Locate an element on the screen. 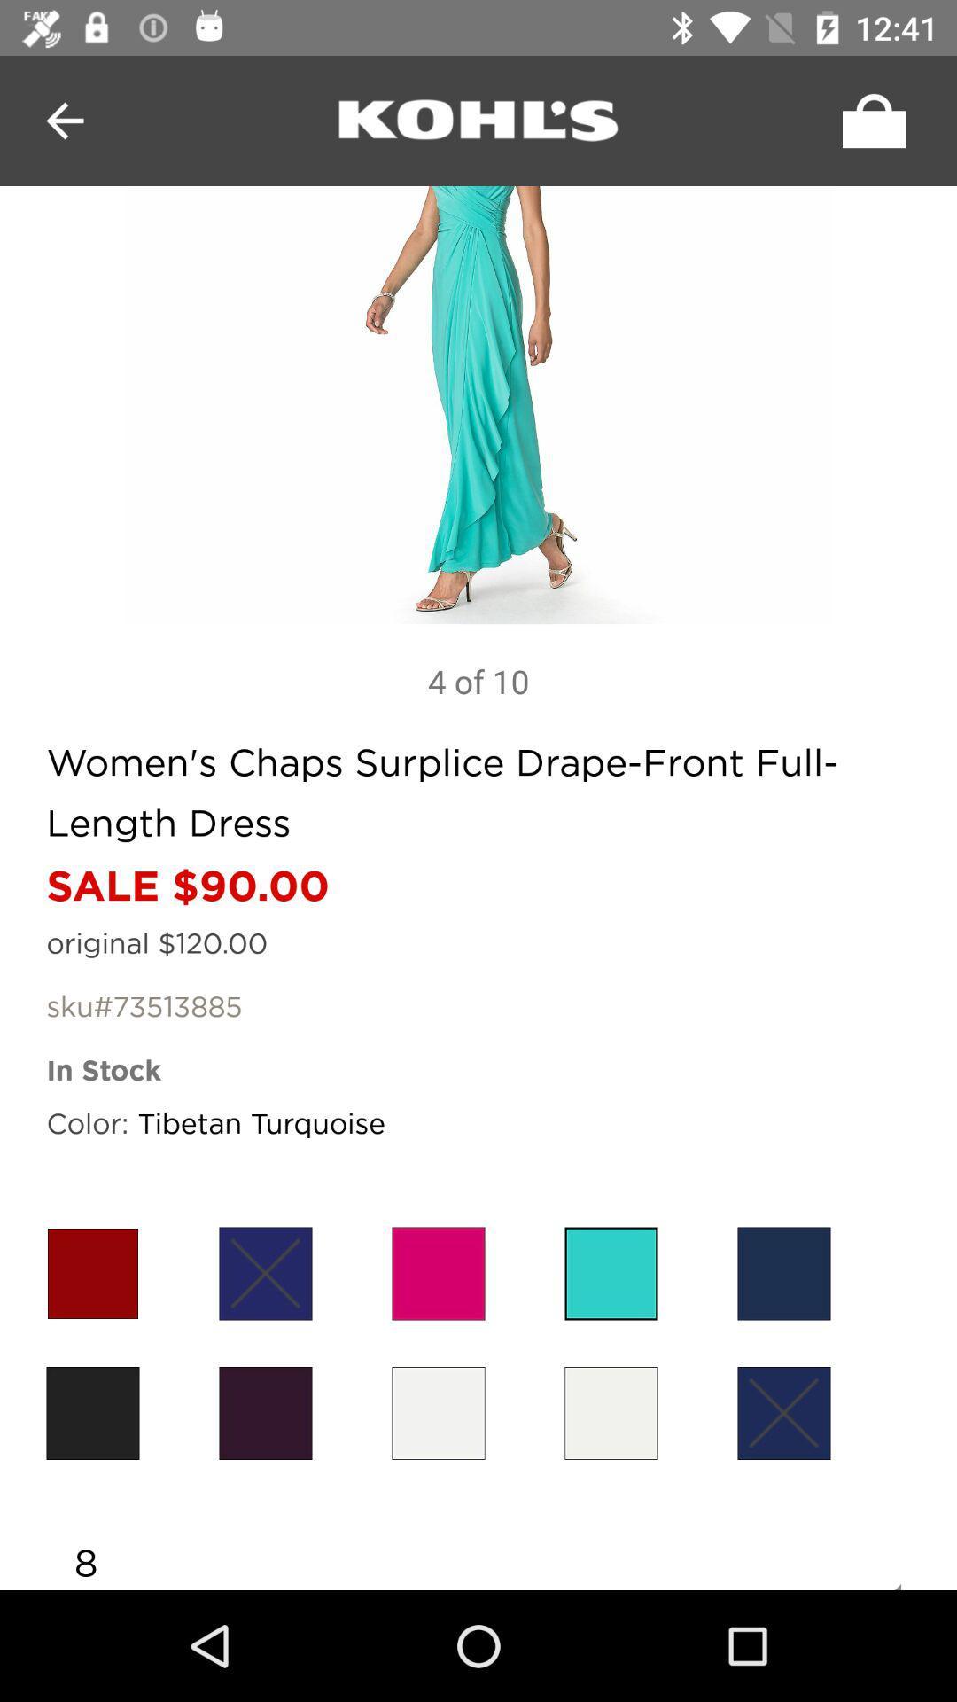 The width and height of the screenshot is (957, 1702). item above 8 is located at coordinates (438, 1412).